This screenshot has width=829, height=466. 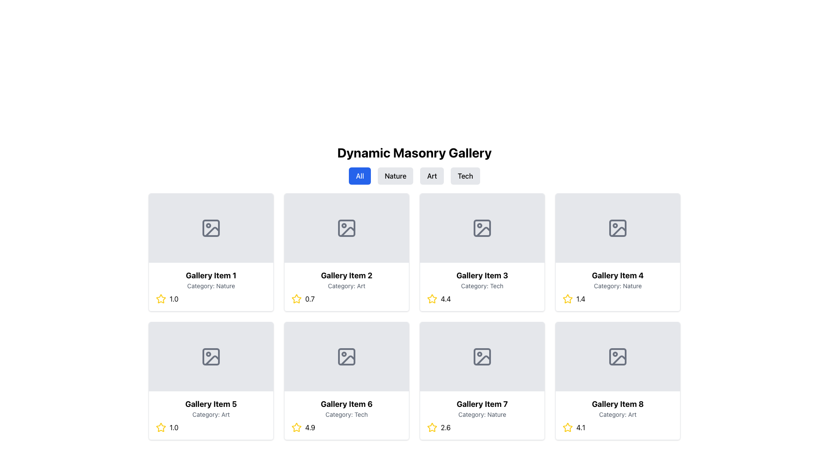 What do you see at coordinates (346, 356) in the screenshot?
I see `the Image Placeholder element, which is a gray rectangular block with an SVG image of a stylized photo, located at the top section of the card labeled 'Gallery Item 6'` at bounding box center [346, 356].